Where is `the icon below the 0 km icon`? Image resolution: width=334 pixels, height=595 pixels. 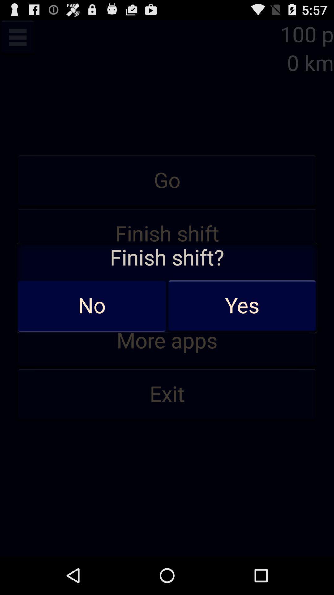 the icon below the 0 km icon is located at coordinates (167, 180).